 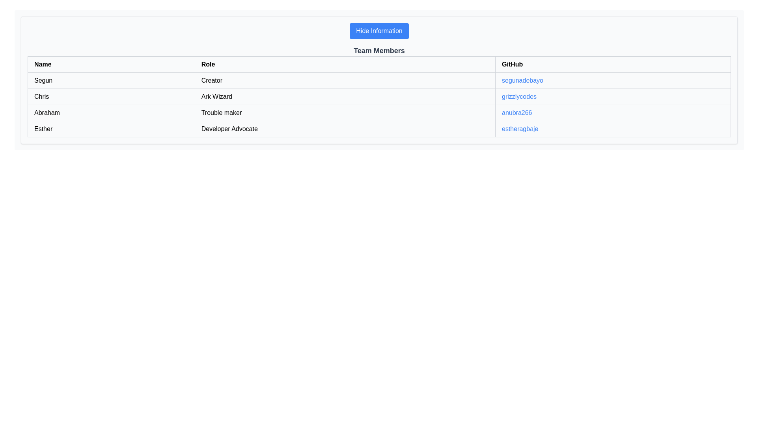 I want to click on the hyperlink in the first row of the 'GitHub' column that directs to the GitHub profile of 'segunadebayo', so click(x=522, y=80).